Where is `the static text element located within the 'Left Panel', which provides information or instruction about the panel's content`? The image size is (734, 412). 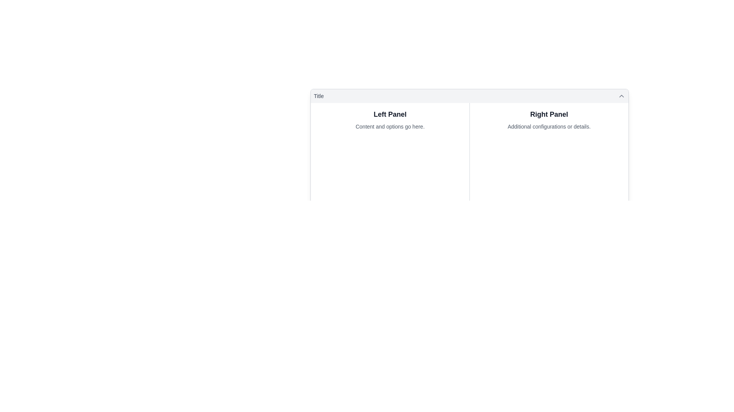
the static text element located within the 'Left Panel', which provides information or instruction about the panel's content is located at coordinates (390, 126).